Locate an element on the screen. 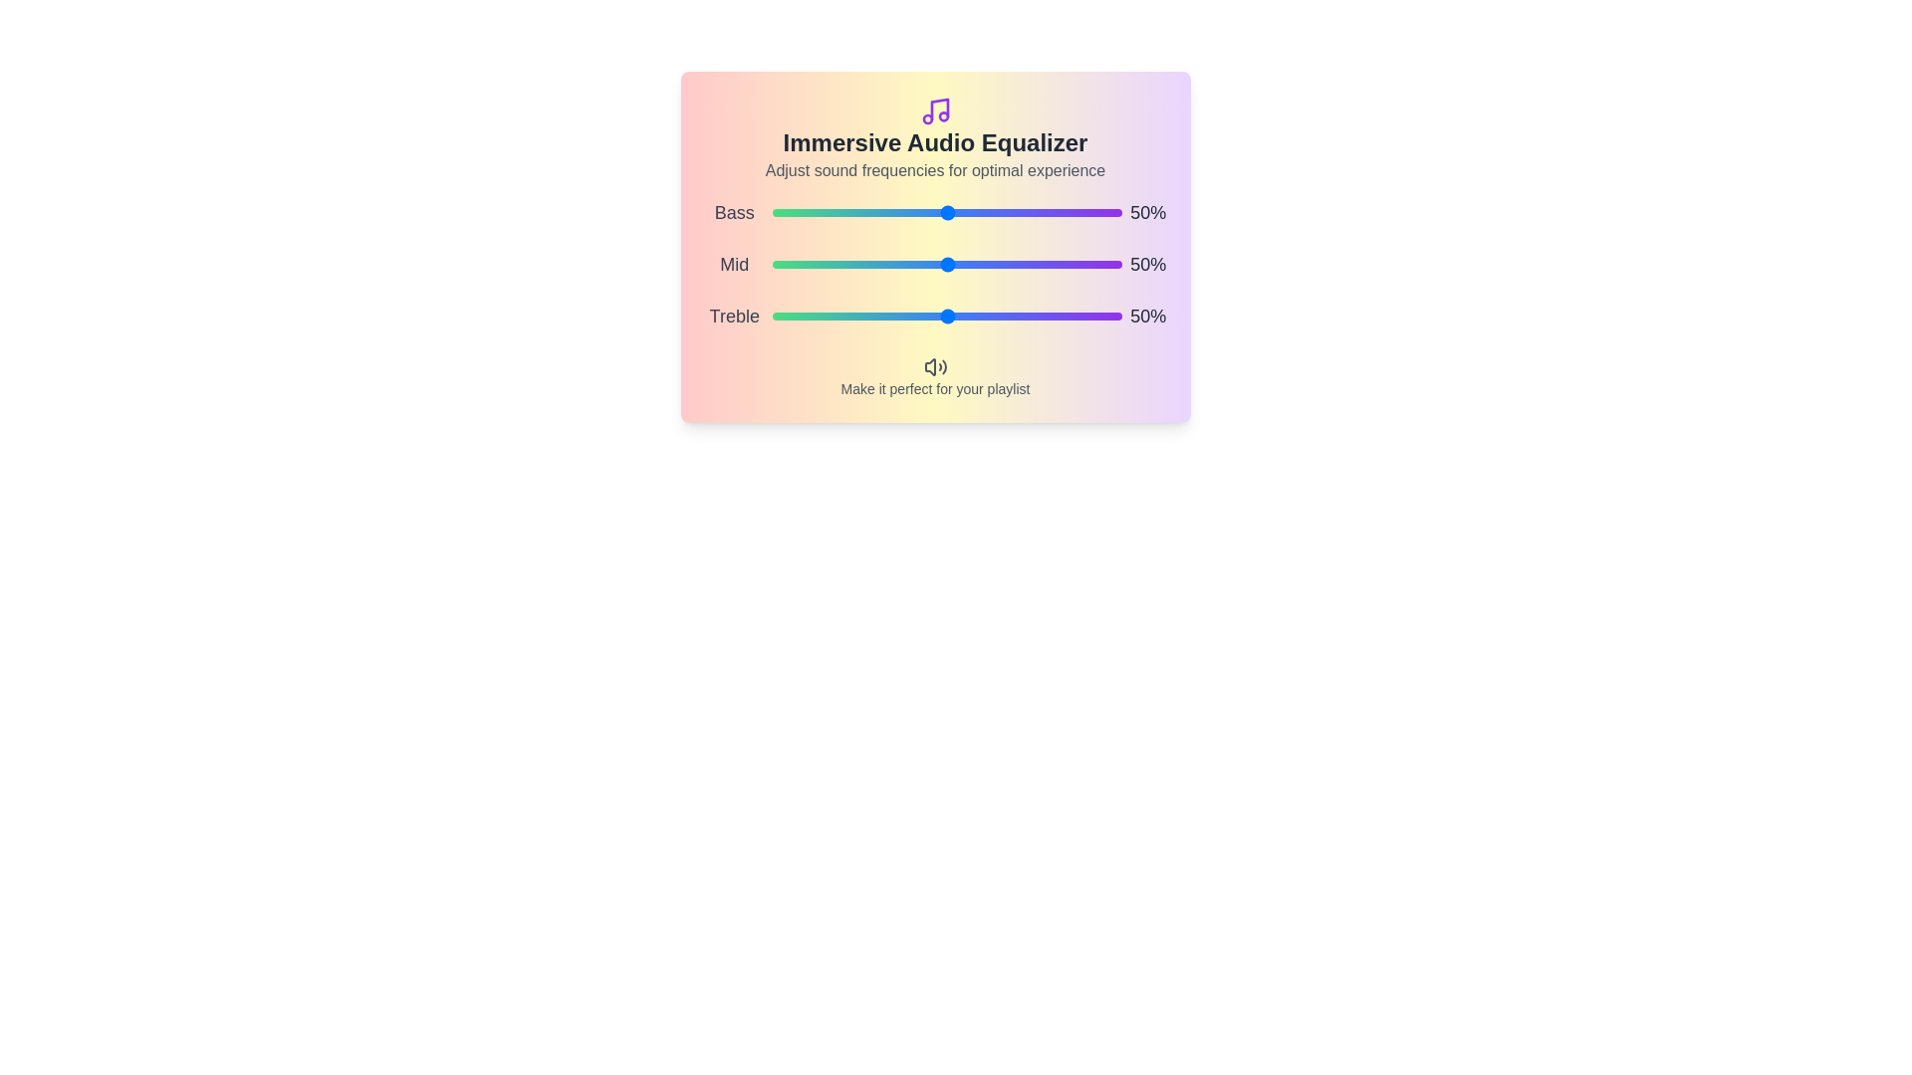  the 0 slider to 52% is located at coordinates (1037, 212).